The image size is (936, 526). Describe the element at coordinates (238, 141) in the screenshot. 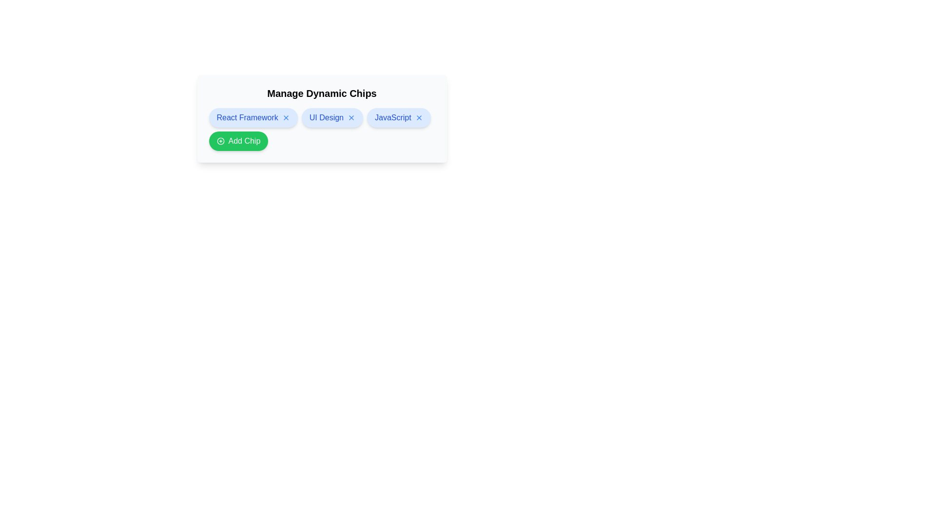

I see `the 'Add Chip' button to add a new chip` at that location.